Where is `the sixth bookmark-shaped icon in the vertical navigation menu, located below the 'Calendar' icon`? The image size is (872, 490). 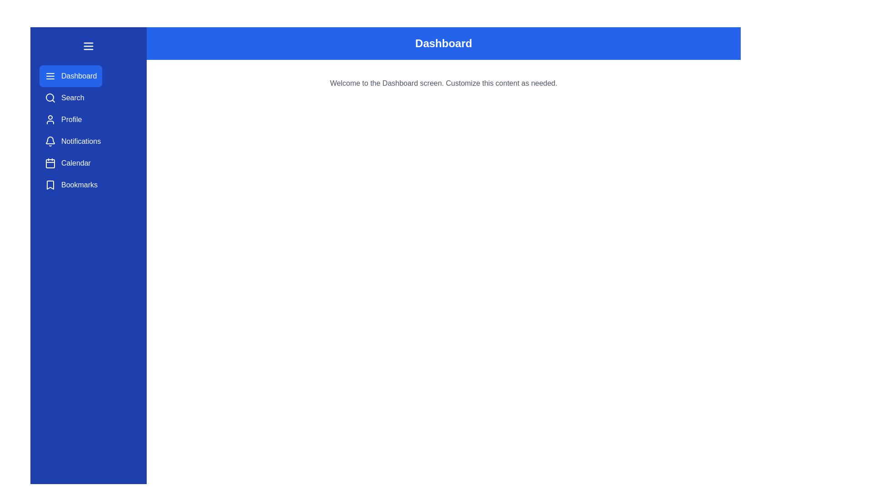 the sixth bookmark-shaped icon in the vertical navigation menu, located below the 'Calendar' icon is located at coordinates (50, 185).